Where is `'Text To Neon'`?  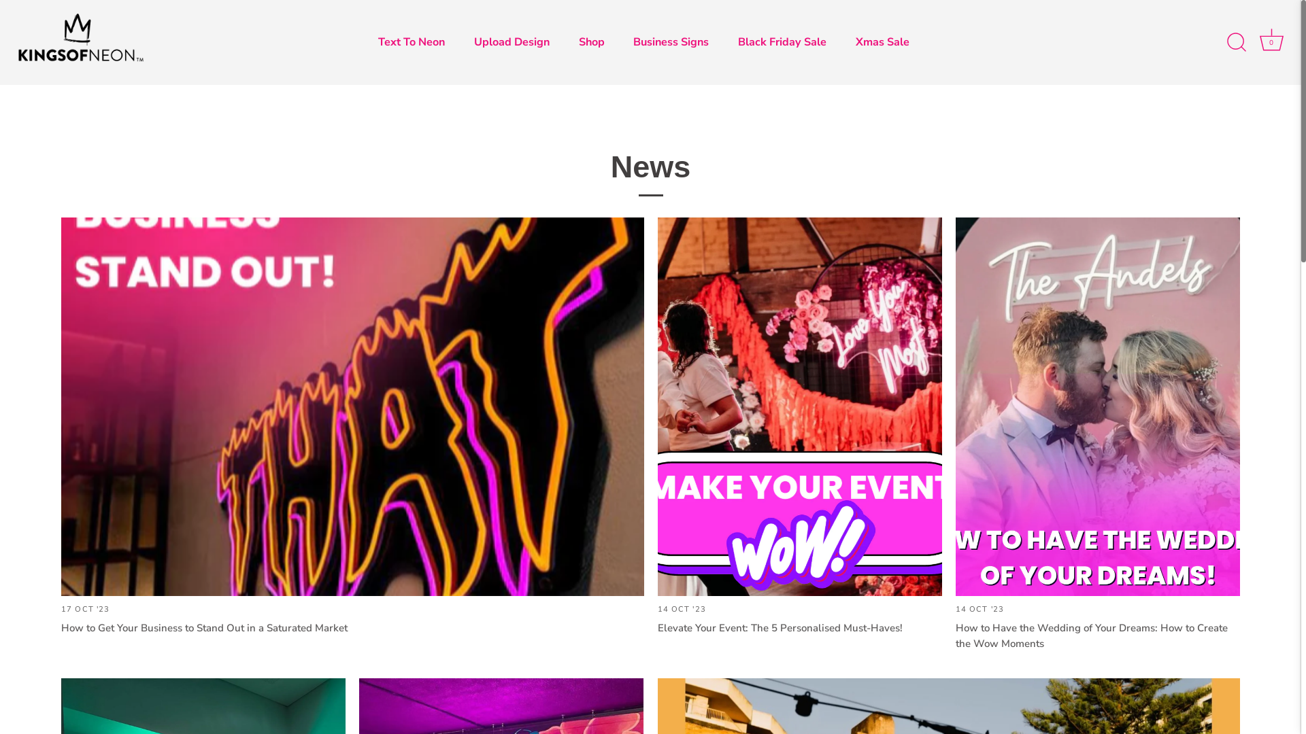
'Text To Neon' is located at coordinates (410, 41).